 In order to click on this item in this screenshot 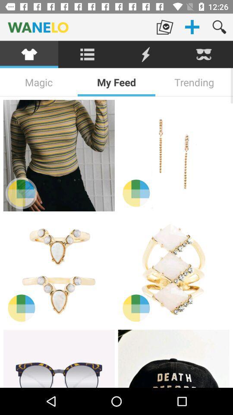, I will do `click(173, 270)`.